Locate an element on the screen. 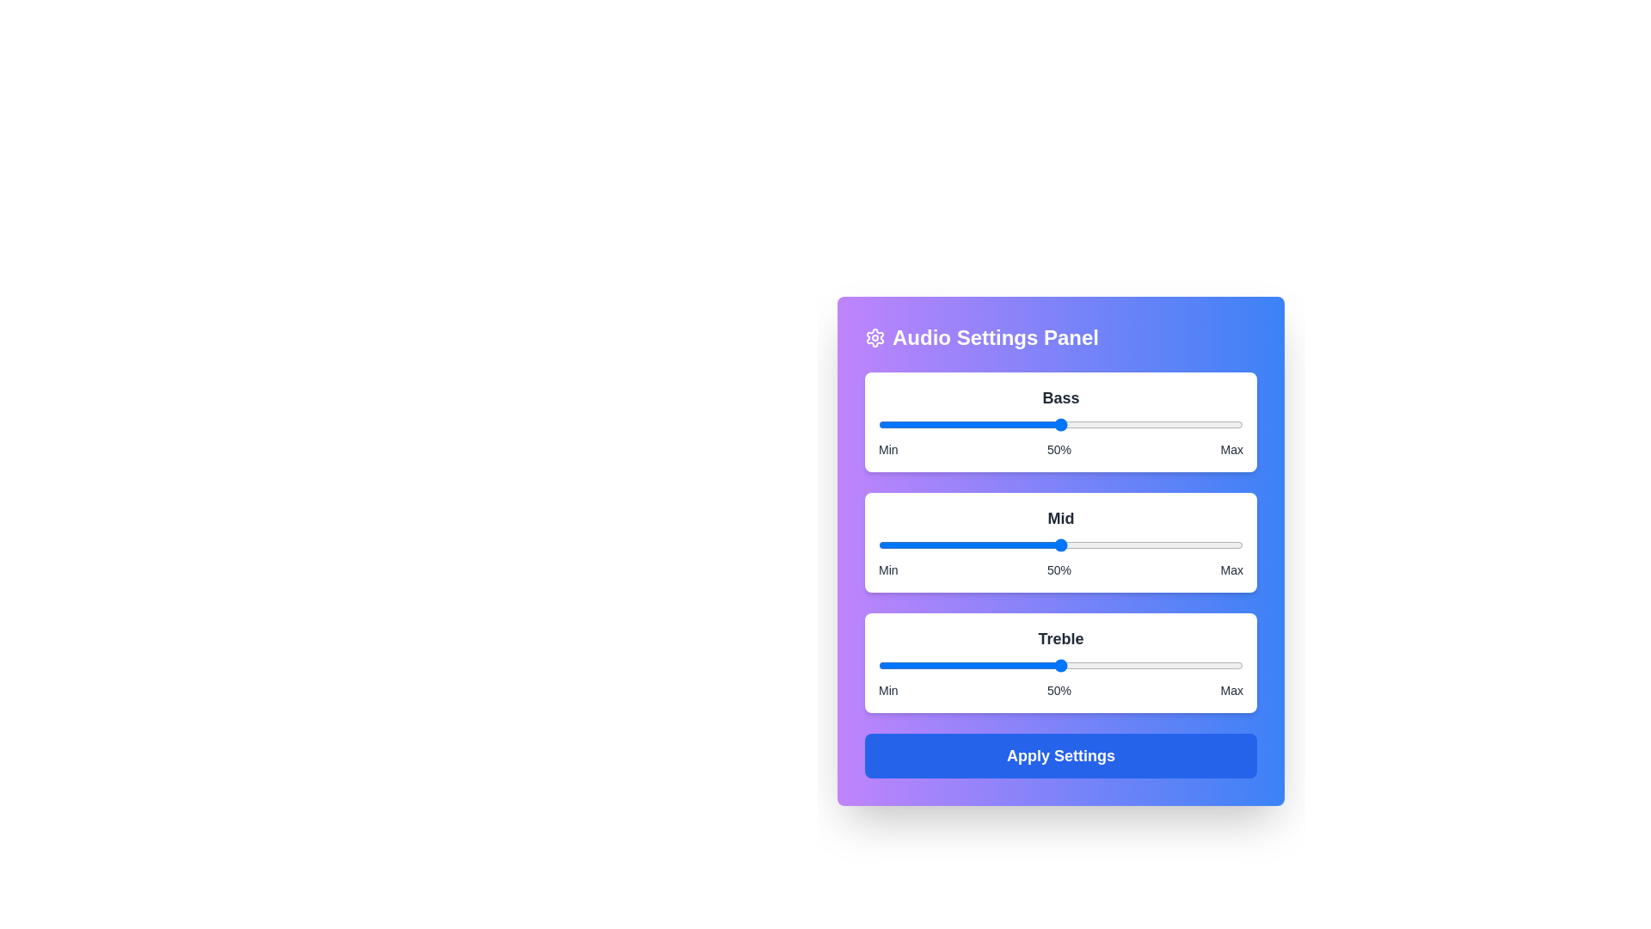  the static text label displaying '50%' in bold, located centrally in the audio settings interface's 'Bass' slider section is located at coordinates (1059, 449).